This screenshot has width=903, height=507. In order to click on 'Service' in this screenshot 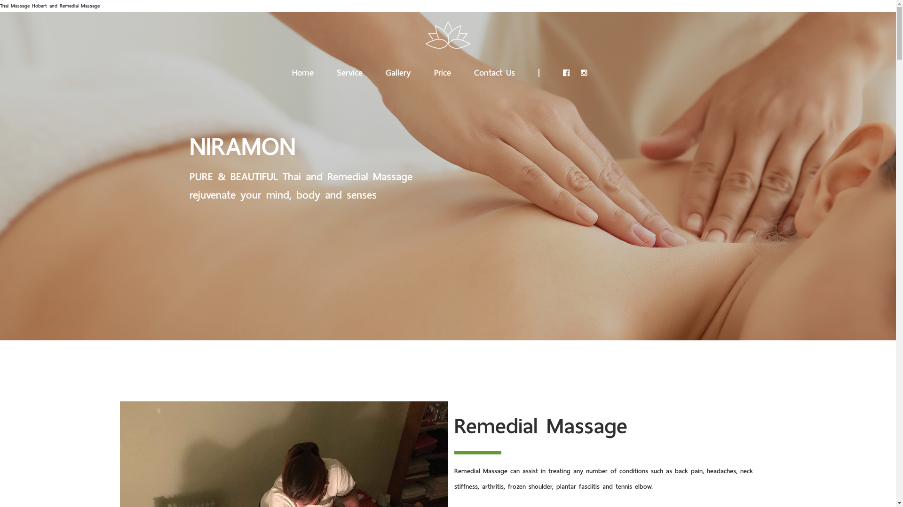, I will do `click(349, 70)`.